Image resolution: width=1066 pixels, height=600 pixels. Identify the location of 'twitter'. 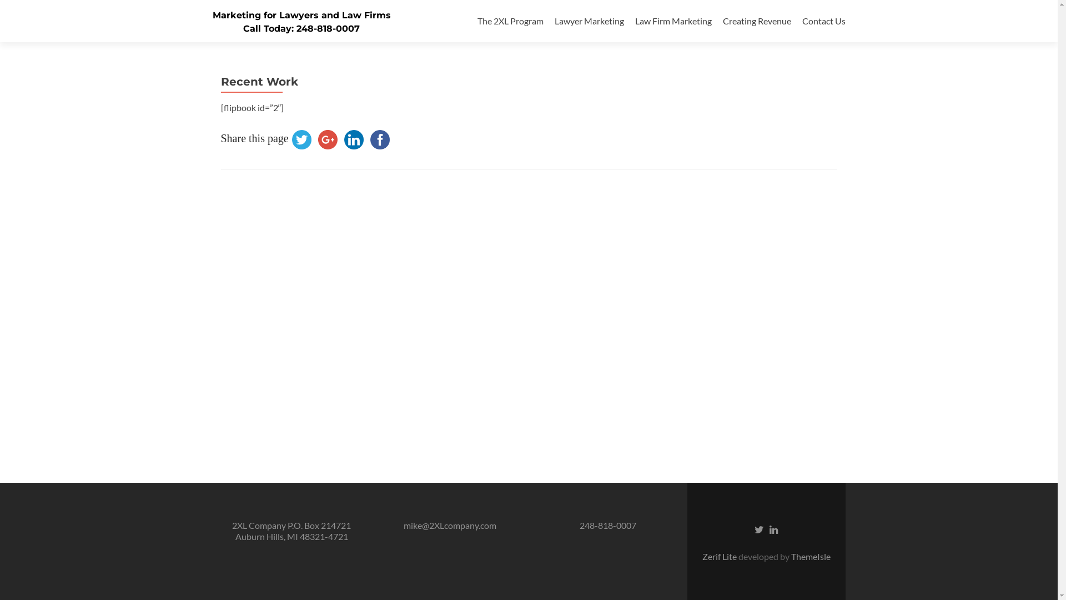
(301, 139).